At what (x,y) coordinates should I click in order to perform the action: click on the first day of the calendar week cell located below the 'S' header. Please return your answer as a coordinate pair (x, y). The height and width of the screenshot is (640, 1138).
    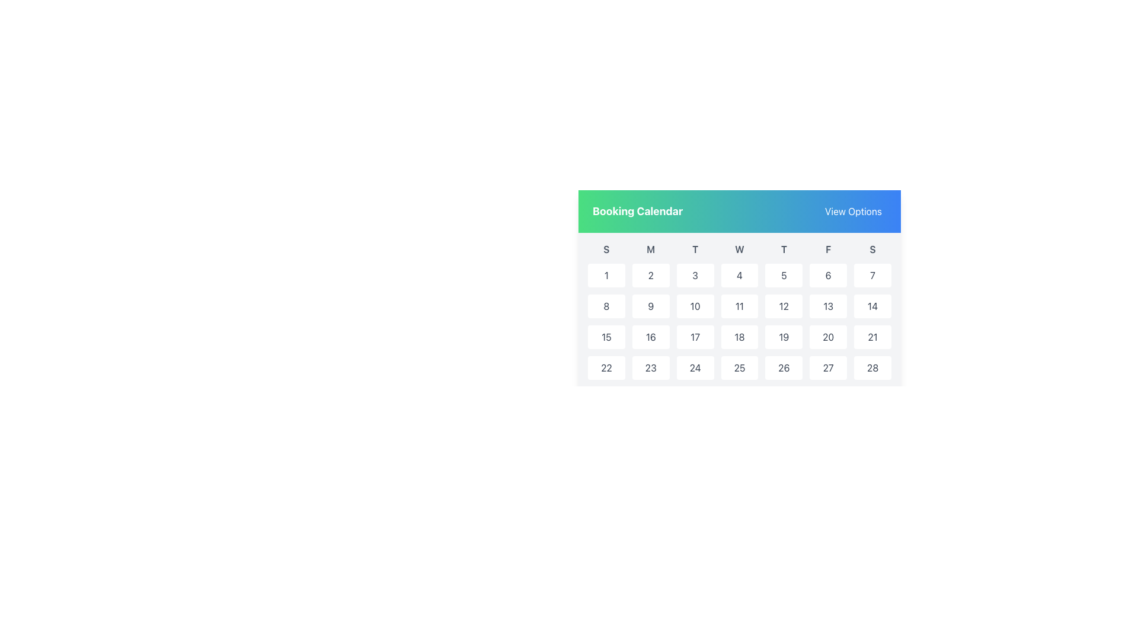
    Looking at the image, I should click on (606, 276).